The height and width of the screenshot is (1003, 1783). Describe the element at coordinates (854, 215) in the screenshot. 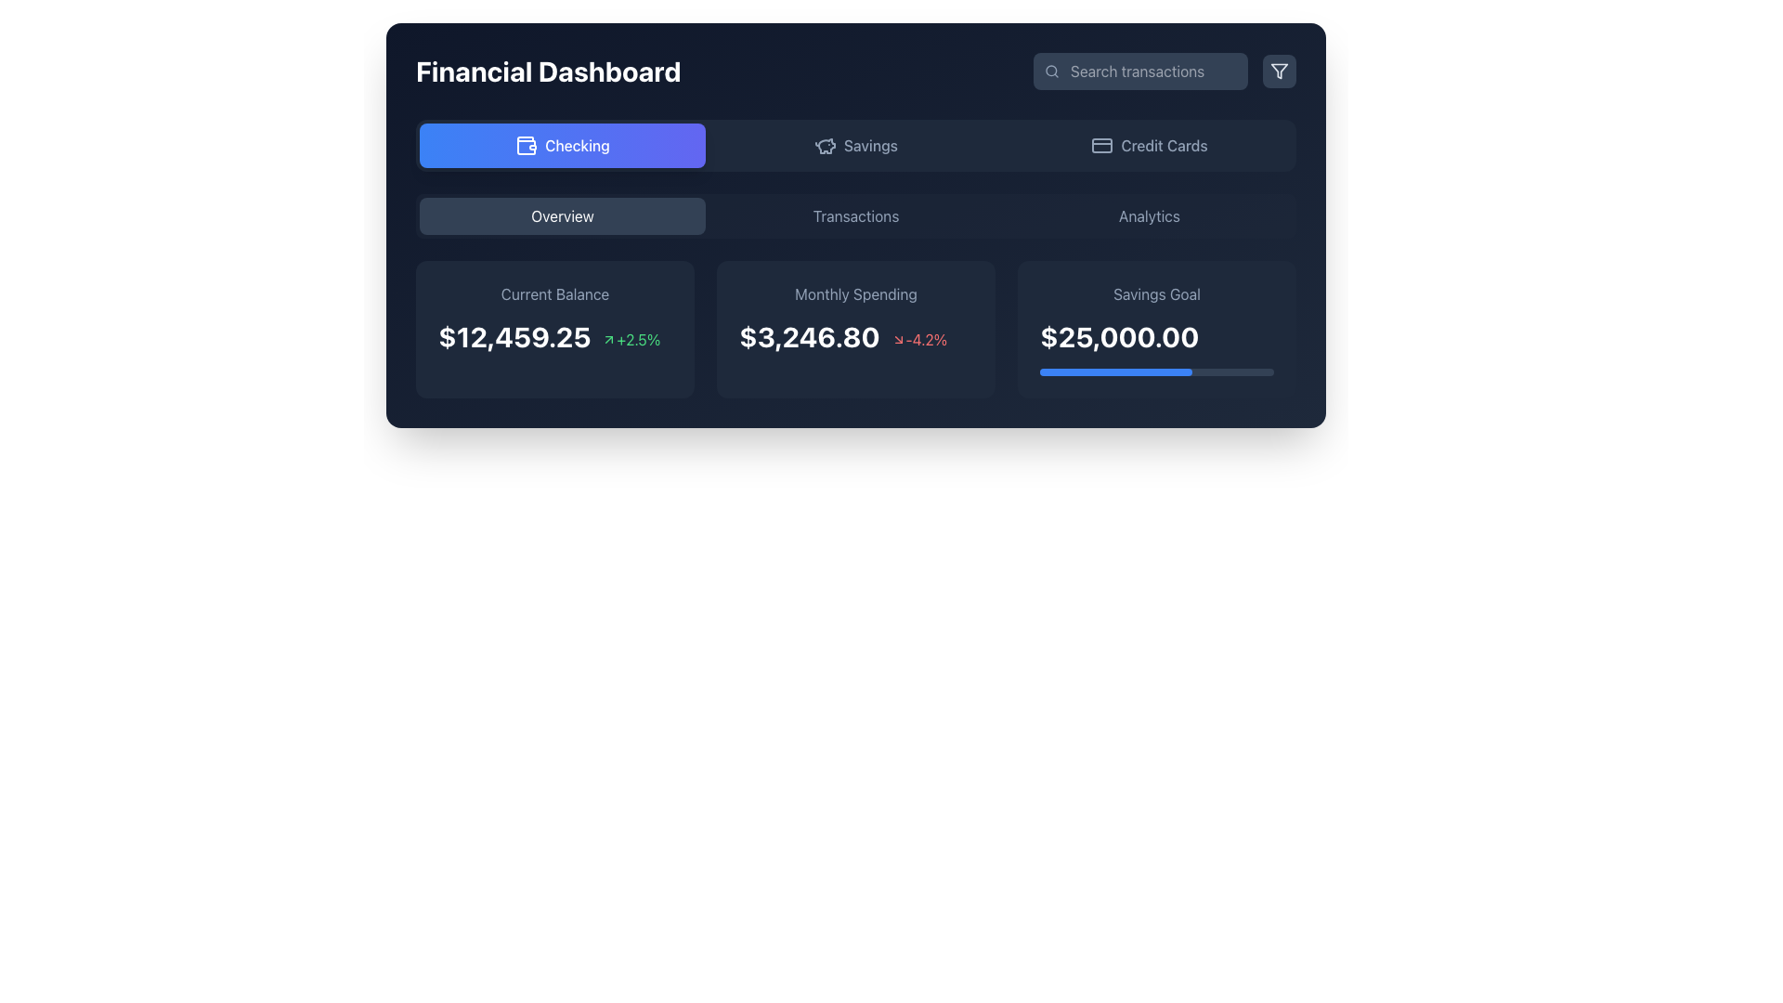

I see `the 'Transactions' button, which is the second button in a horizontal group of three, located below the main navigation bar` at that location.